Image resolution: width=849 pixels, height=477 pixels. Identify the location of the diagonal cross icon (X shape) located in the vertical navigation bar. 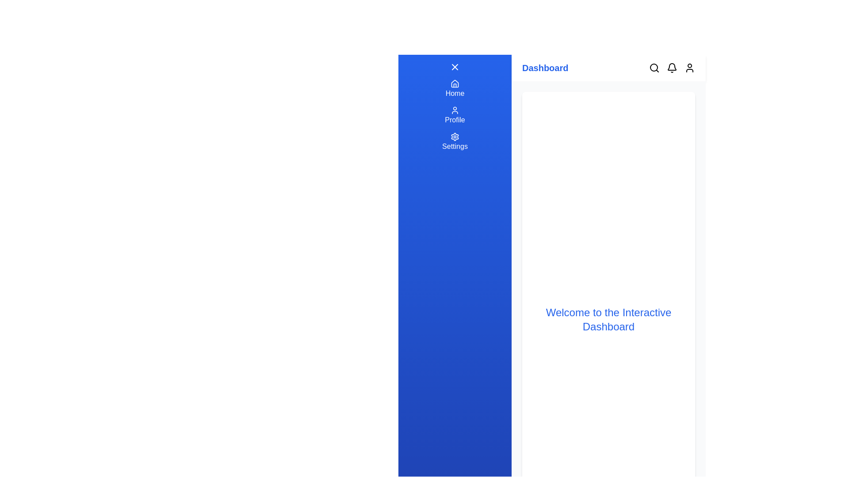
(455, 66).